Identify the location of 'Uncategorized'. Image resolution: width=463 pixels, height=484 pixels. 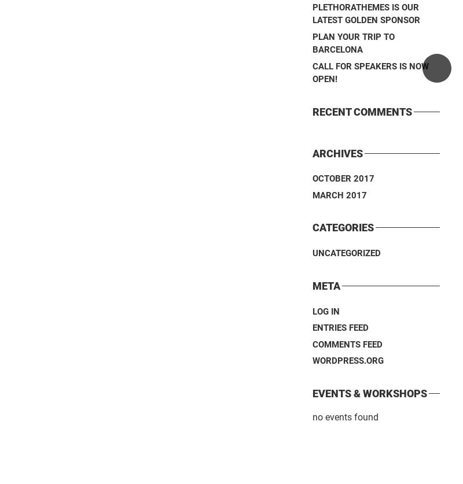
(346, 253).